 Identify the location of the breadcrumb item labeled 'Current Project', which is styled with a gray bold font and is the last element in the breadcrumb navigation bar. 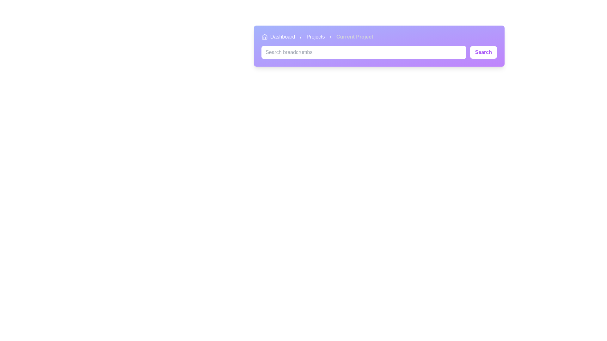
(355, 37).